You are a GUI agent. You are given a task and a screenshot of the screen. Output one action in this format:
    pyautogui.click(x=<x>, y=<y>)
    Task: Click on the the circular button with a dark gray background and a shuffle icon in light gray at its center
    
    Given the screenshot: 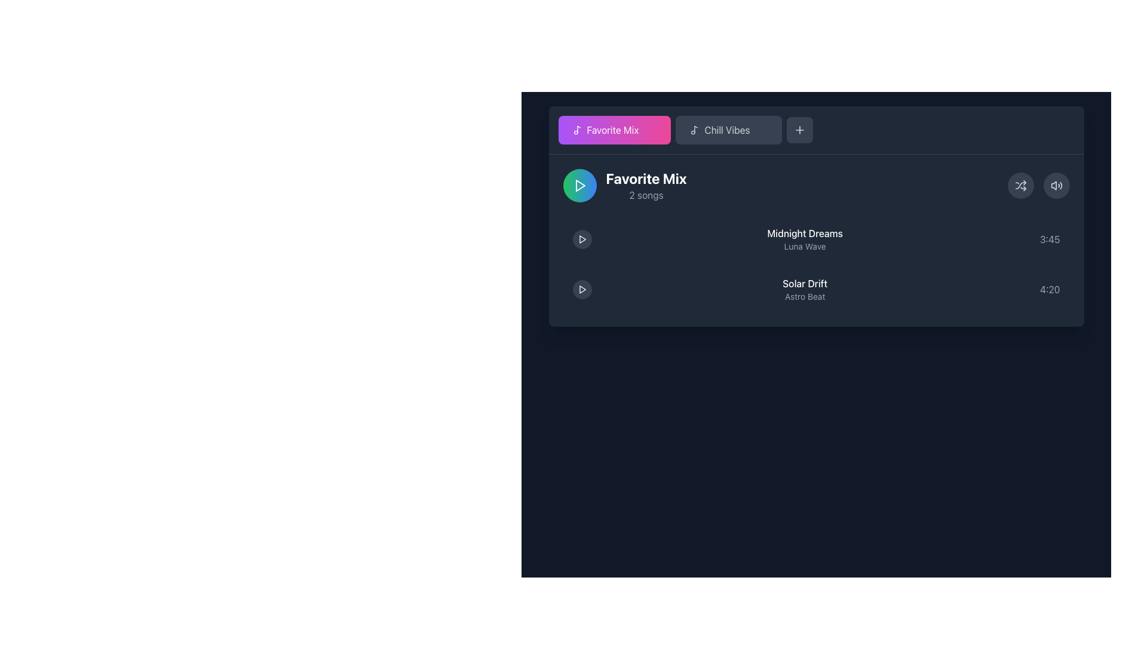 What is the action you would take?
    pyautogui.click(x=1020, y=186)
    